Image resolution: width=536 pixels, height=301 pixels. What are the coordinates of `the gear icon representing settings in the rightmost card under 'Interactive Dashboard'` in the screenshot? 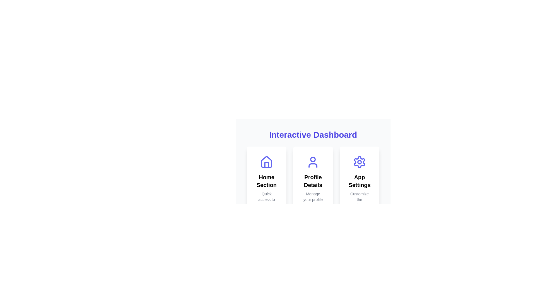 It's located at (359, 162).